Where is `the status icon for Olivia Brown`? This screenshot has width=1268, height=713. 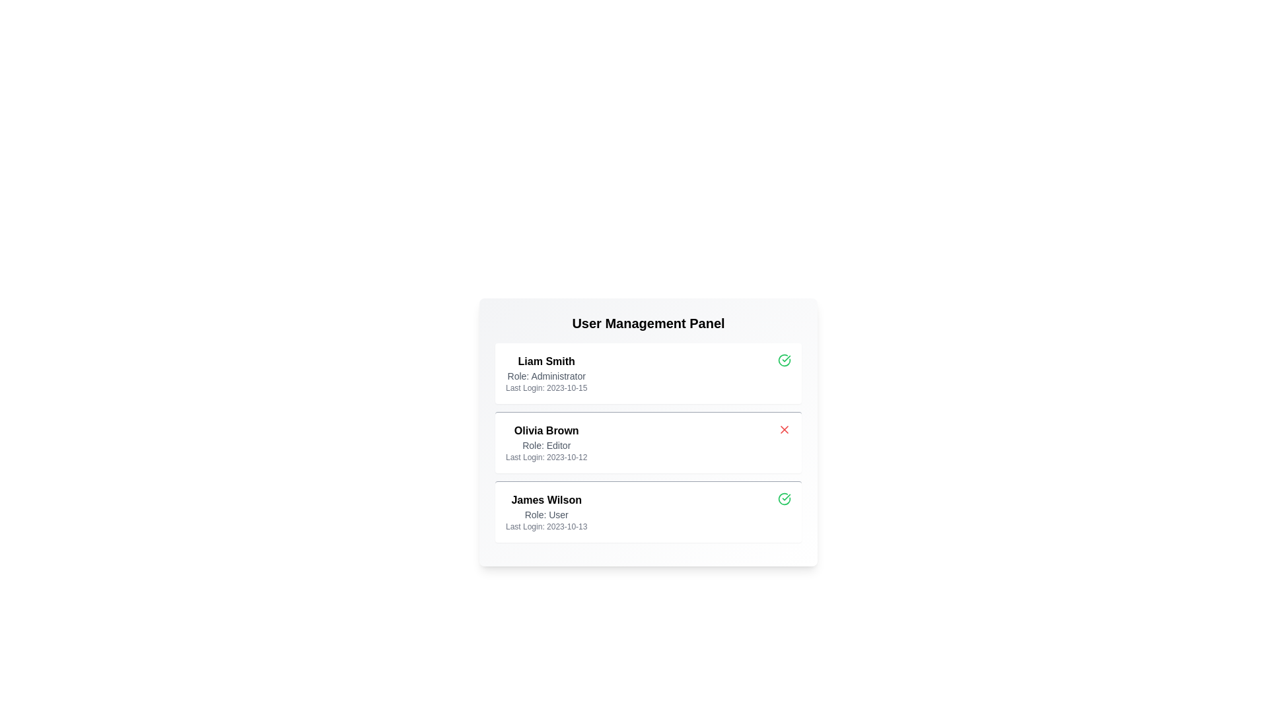
the status icon for Olivia Brown is located at coordinates (785, 430).